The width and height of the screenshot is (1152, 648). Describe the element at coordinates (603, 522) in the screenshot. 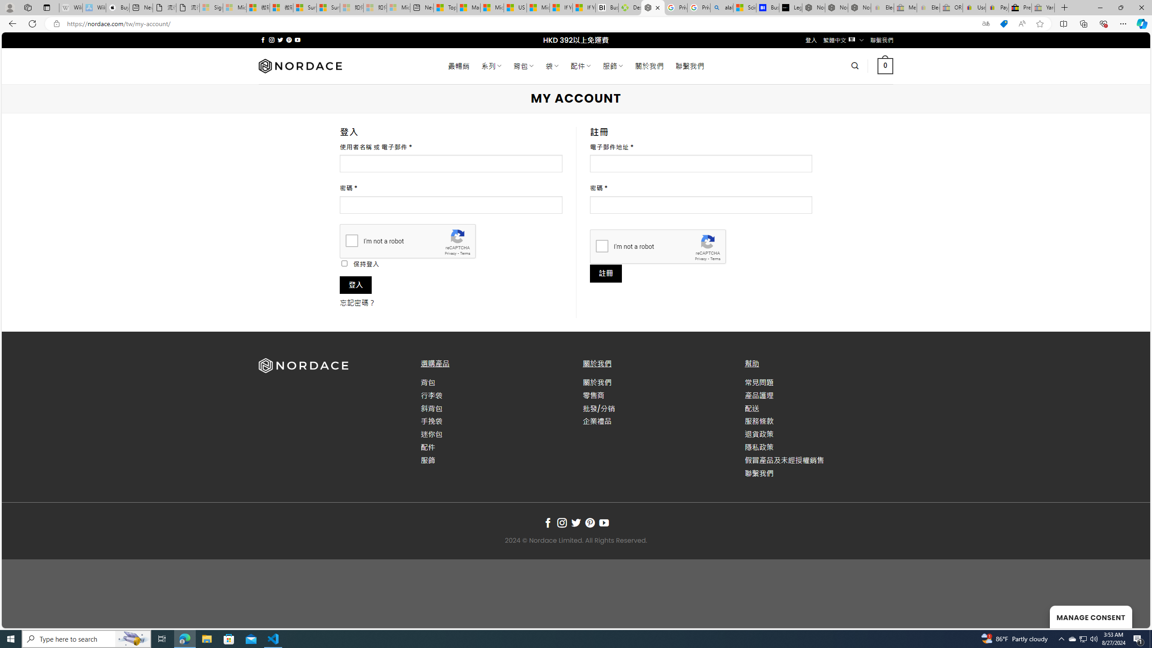

I see `'Follow on YouTube'` at that location.